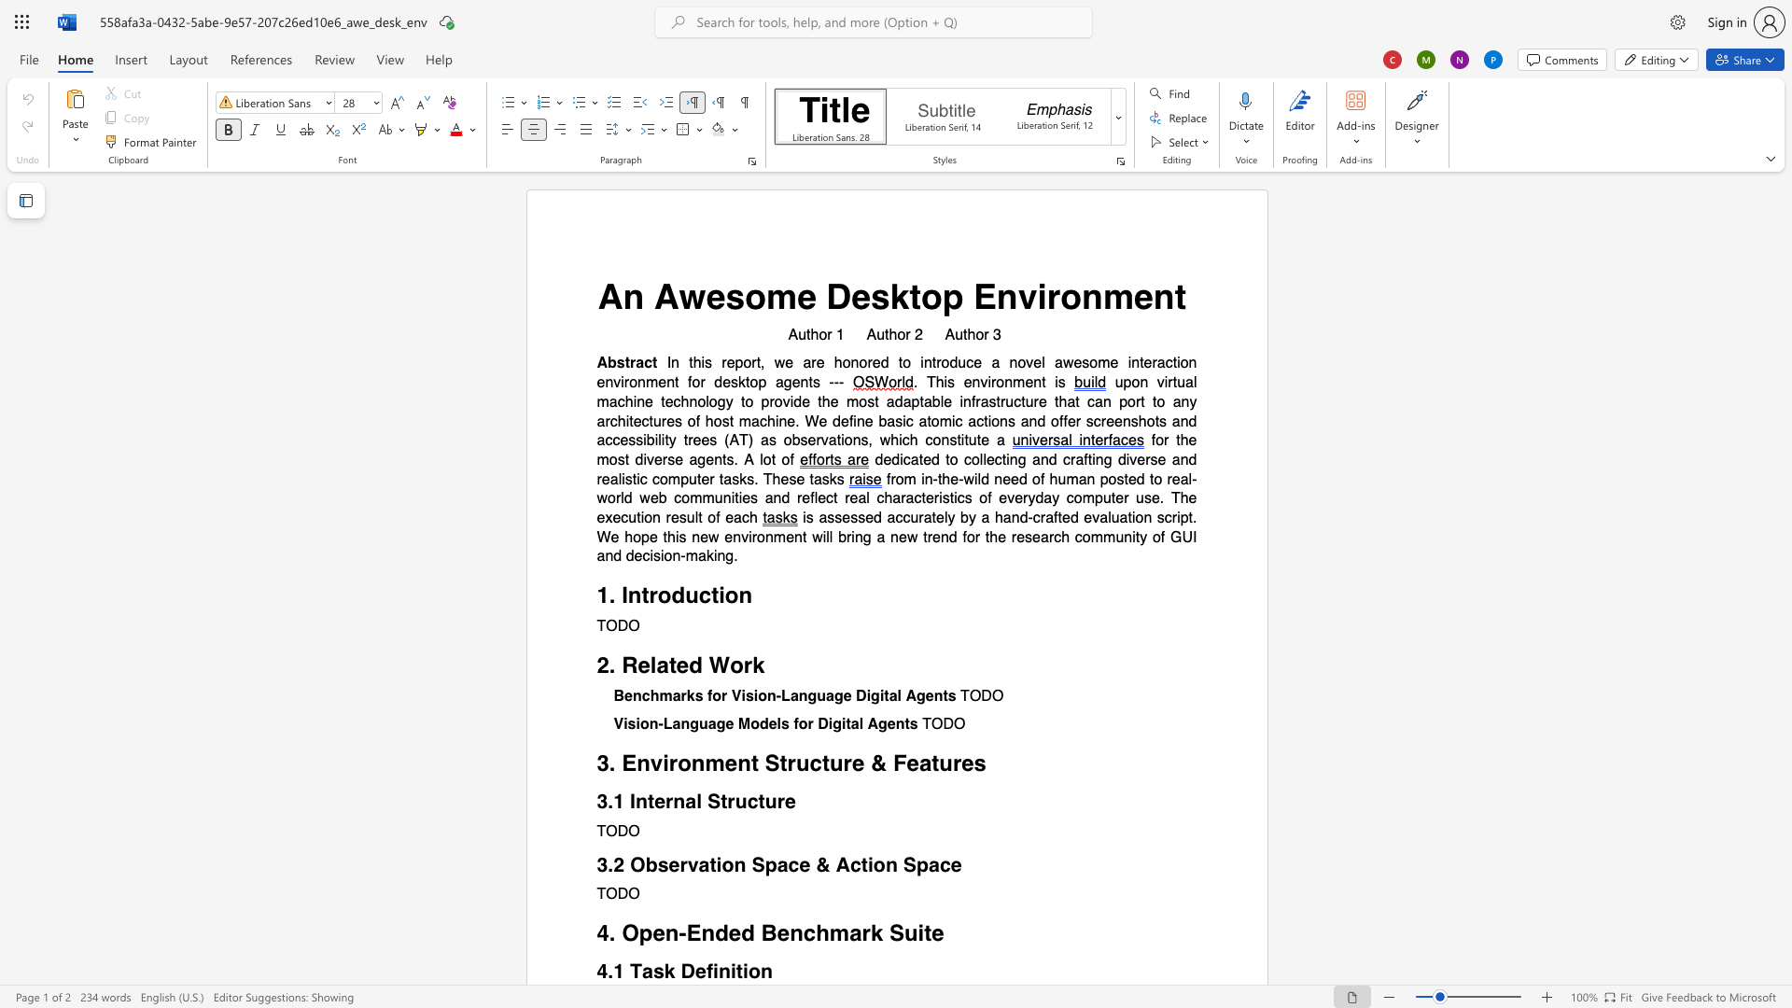  Describe the element at coordinates (941, 441) in the screenshot. I see `the subset text "nsti" within the text "constitute"` at that location.